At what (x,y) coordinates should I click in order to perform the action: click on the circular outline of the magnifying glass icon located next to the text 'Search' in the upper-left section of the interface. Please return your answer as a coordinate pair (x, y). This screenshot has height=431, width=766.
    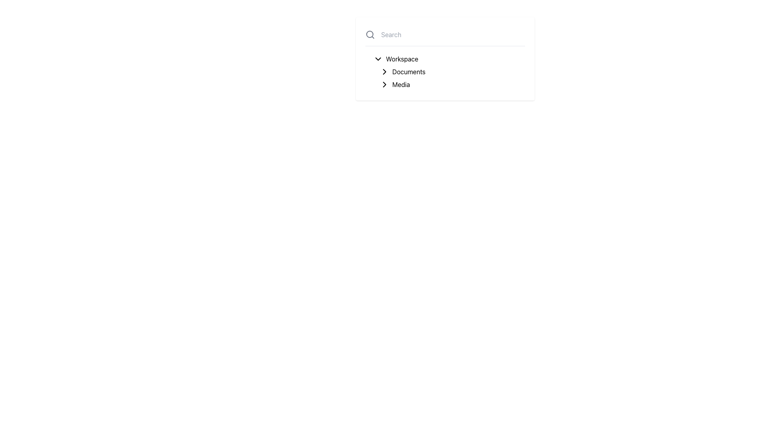
    Looking at the image, I should click on (369, 34).